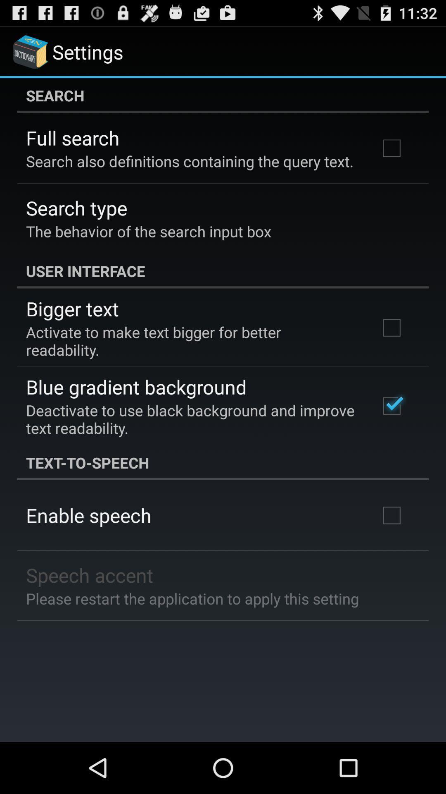 The width and height of the screenshot is (446, 794). Describe the element at coordinates (136, 386) in the screenshot. I see `blue gradient background` at that location.